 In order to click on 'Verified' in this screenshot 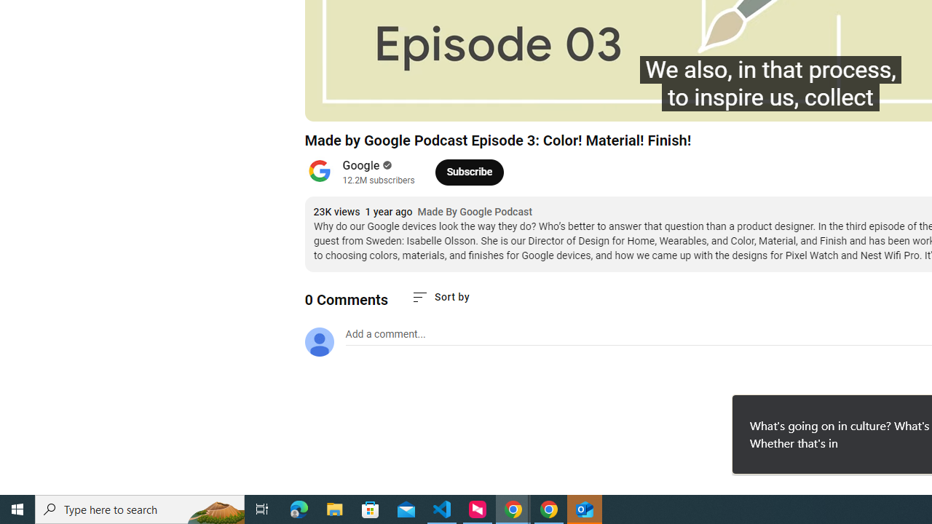, I will do `click(386, 164)`.